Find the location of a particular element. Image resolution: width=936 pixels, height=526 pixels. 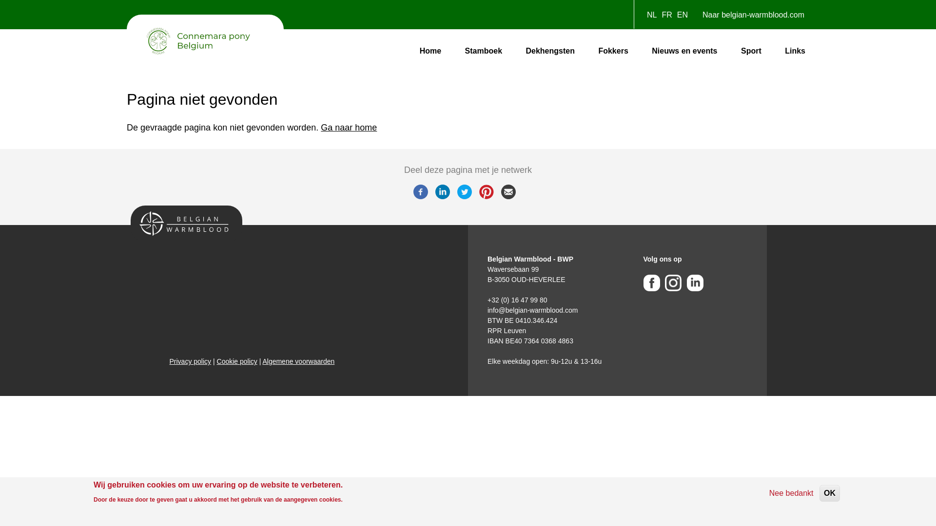

'OK' is located at coordinates (819, 493).